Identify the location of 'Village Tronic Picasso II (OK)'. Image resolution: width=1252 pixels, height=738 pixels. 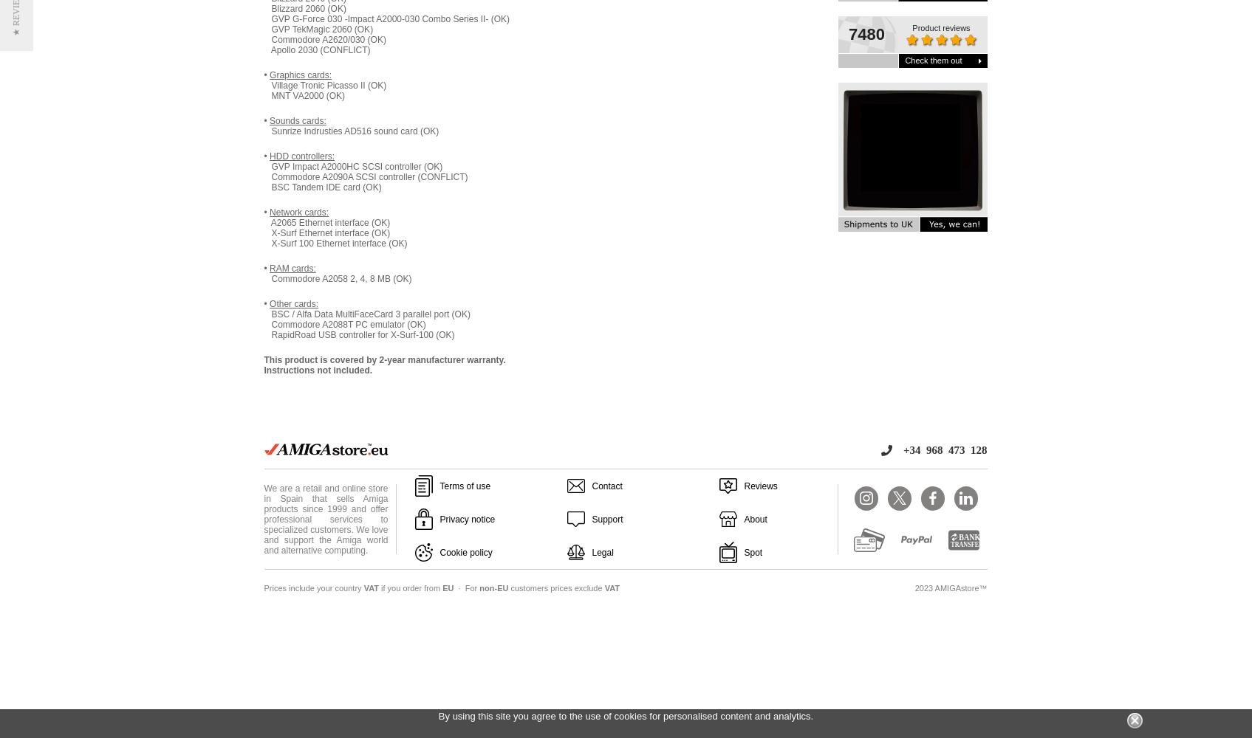
(325, 85).